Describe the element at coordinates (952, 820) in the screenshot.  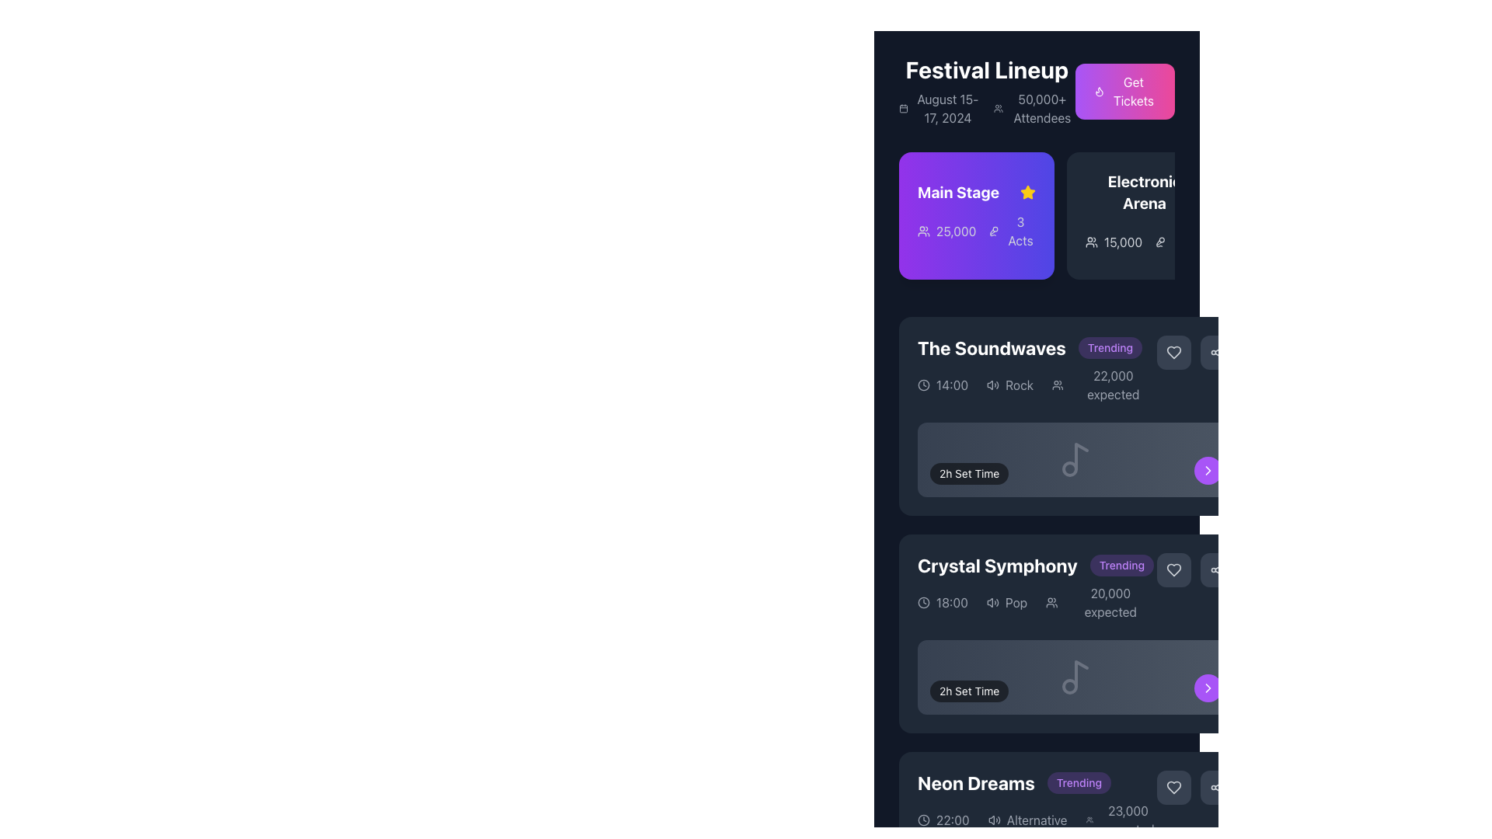
I see `the time indicator text label for the event 'Neon Dreams' located at the bottom of the events list, which displays the scheduled time (22:00)` at that location.